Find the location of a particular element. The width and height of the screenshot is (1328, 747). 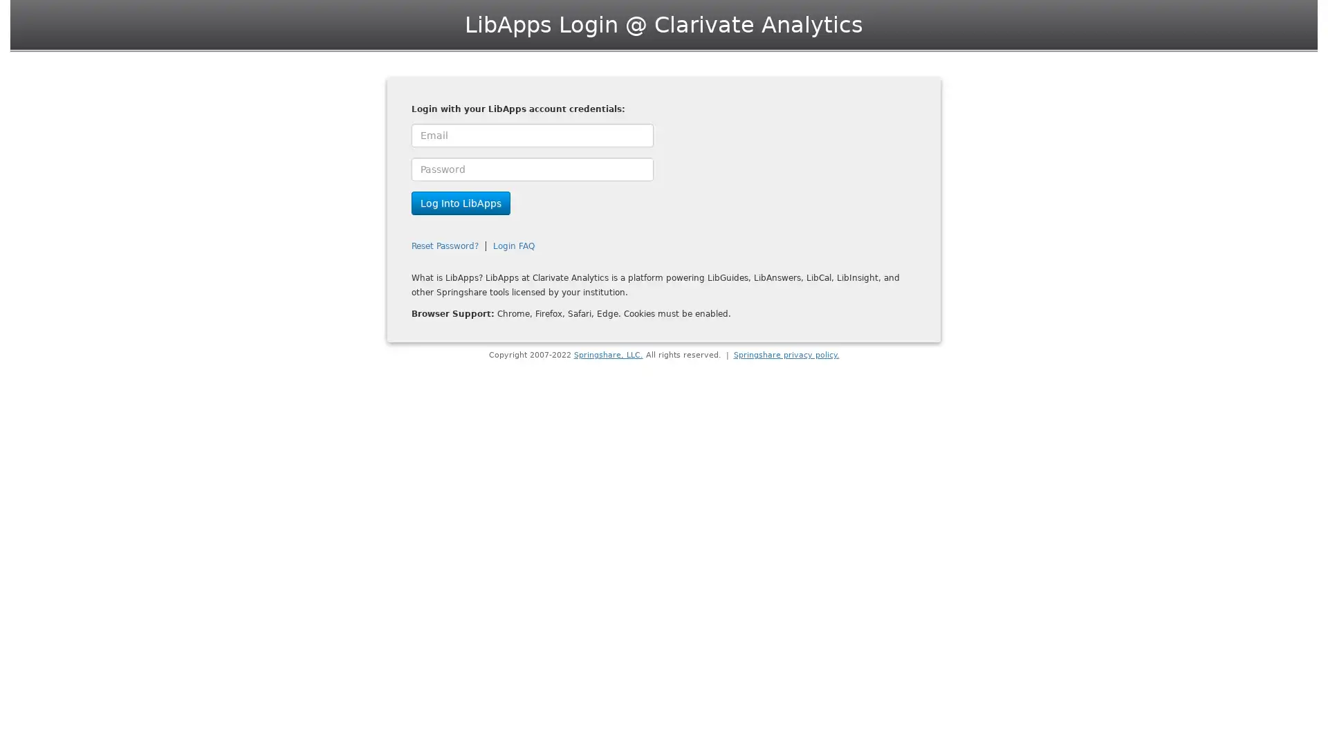

Log Into LibApps is located at coordinates (461, 203).